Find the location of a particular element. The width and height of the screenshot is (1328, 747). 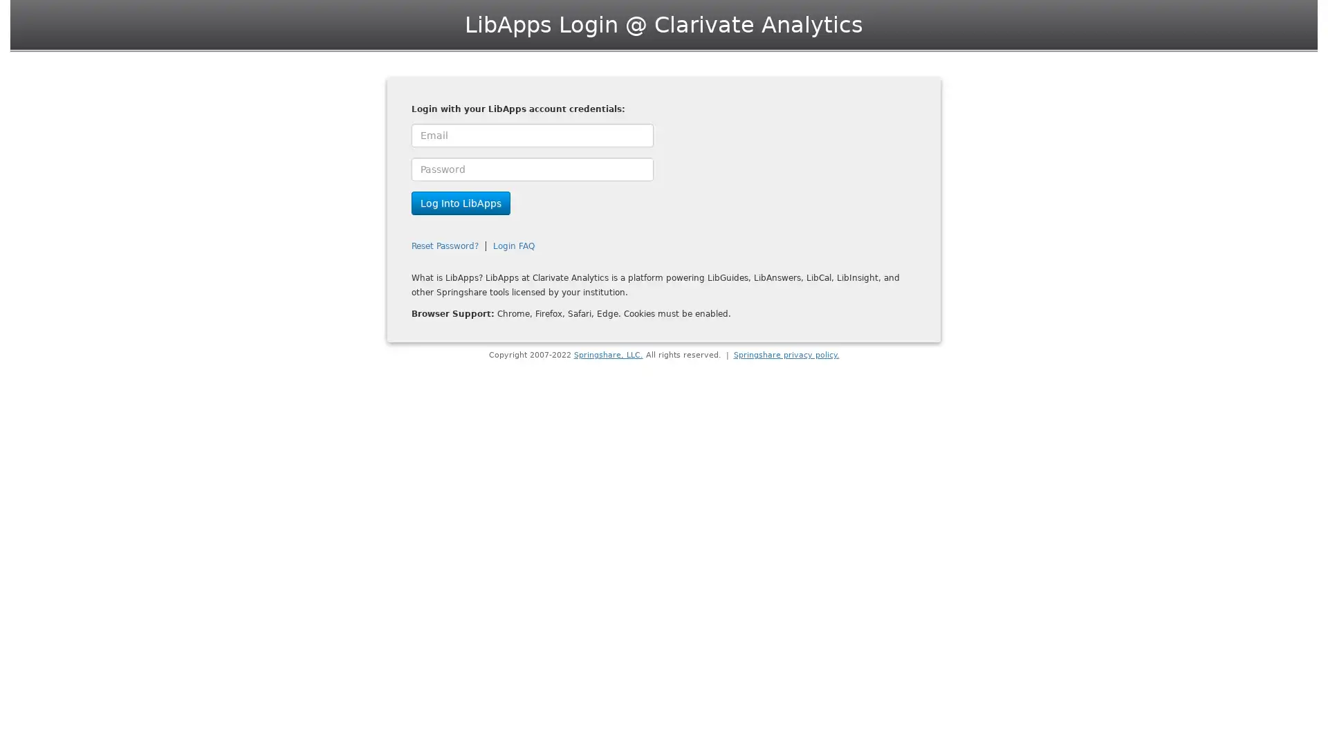

Log Into LibApps is located at coordinates (461, 203).